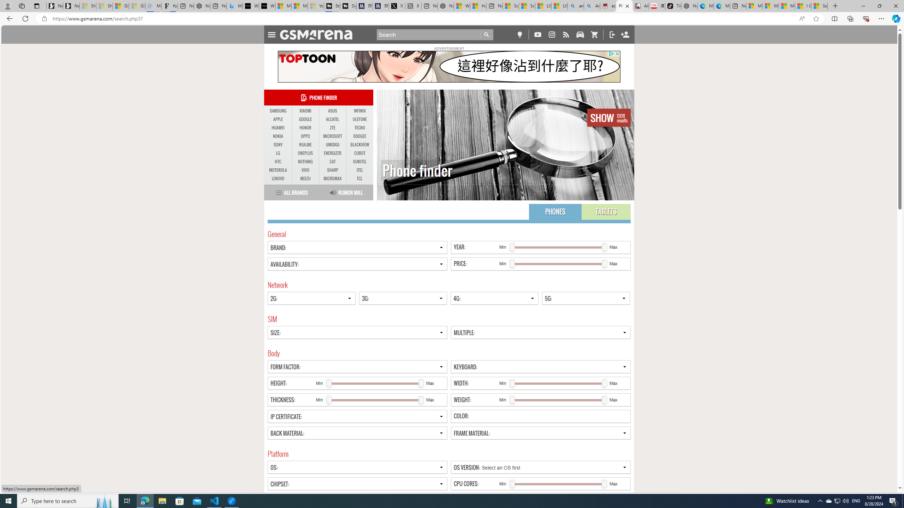 This screenshot has width=904, height=508. Describe the element at coordinates (332, 153) in the screenshot. I see `'ENERGIZER'` at that location.